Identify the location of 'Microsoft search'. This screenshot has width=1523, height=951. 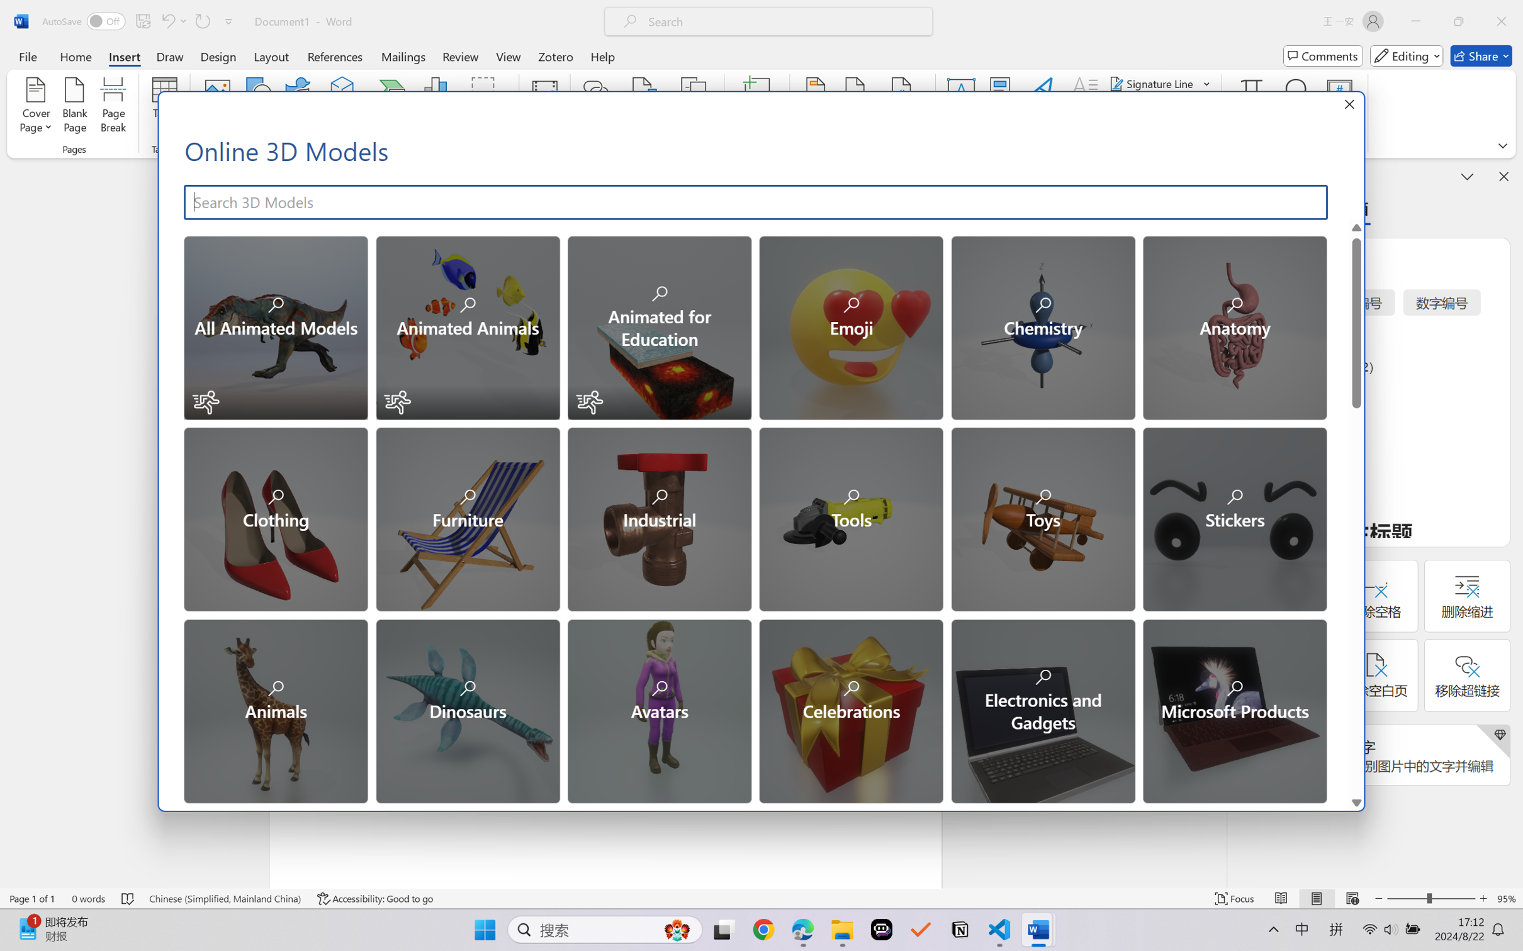
(784, 21).